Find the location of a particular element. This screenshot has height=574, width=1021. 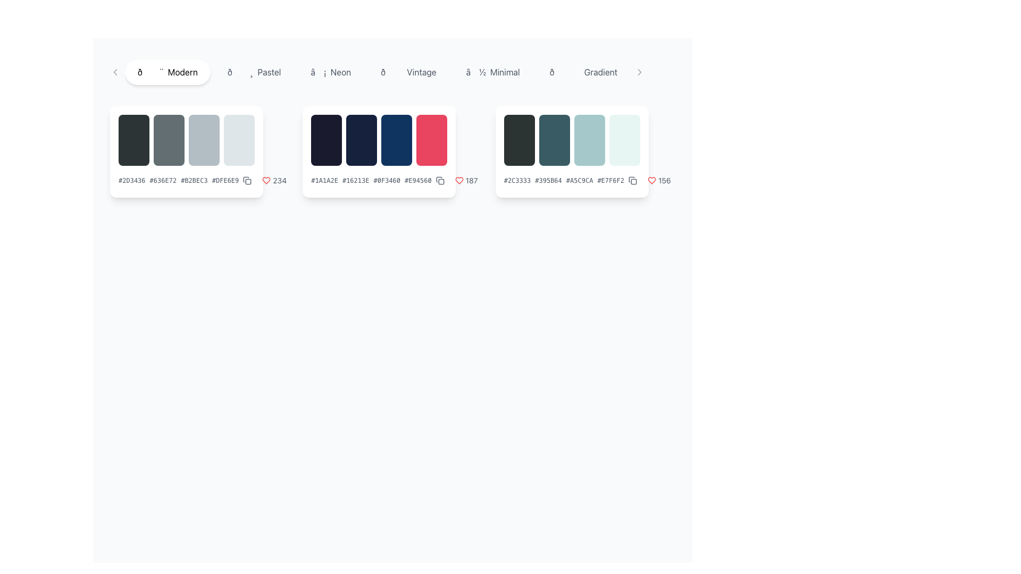

the third color swatch in the horizontal group of blocks under the 'Vintage' category is located at coordinates (396, 139).